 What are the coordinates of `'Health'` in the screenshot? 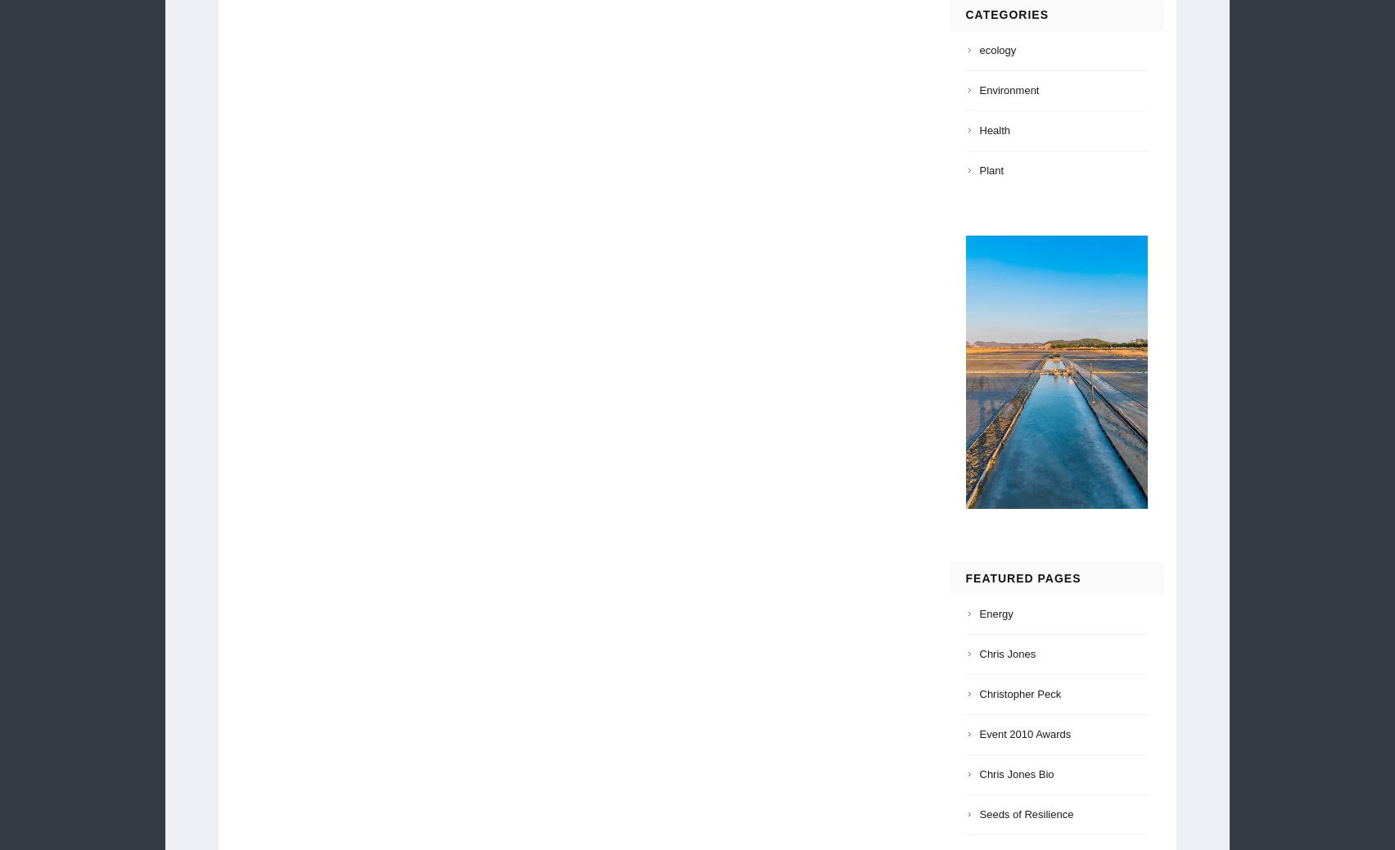 It's located at (993, 129).